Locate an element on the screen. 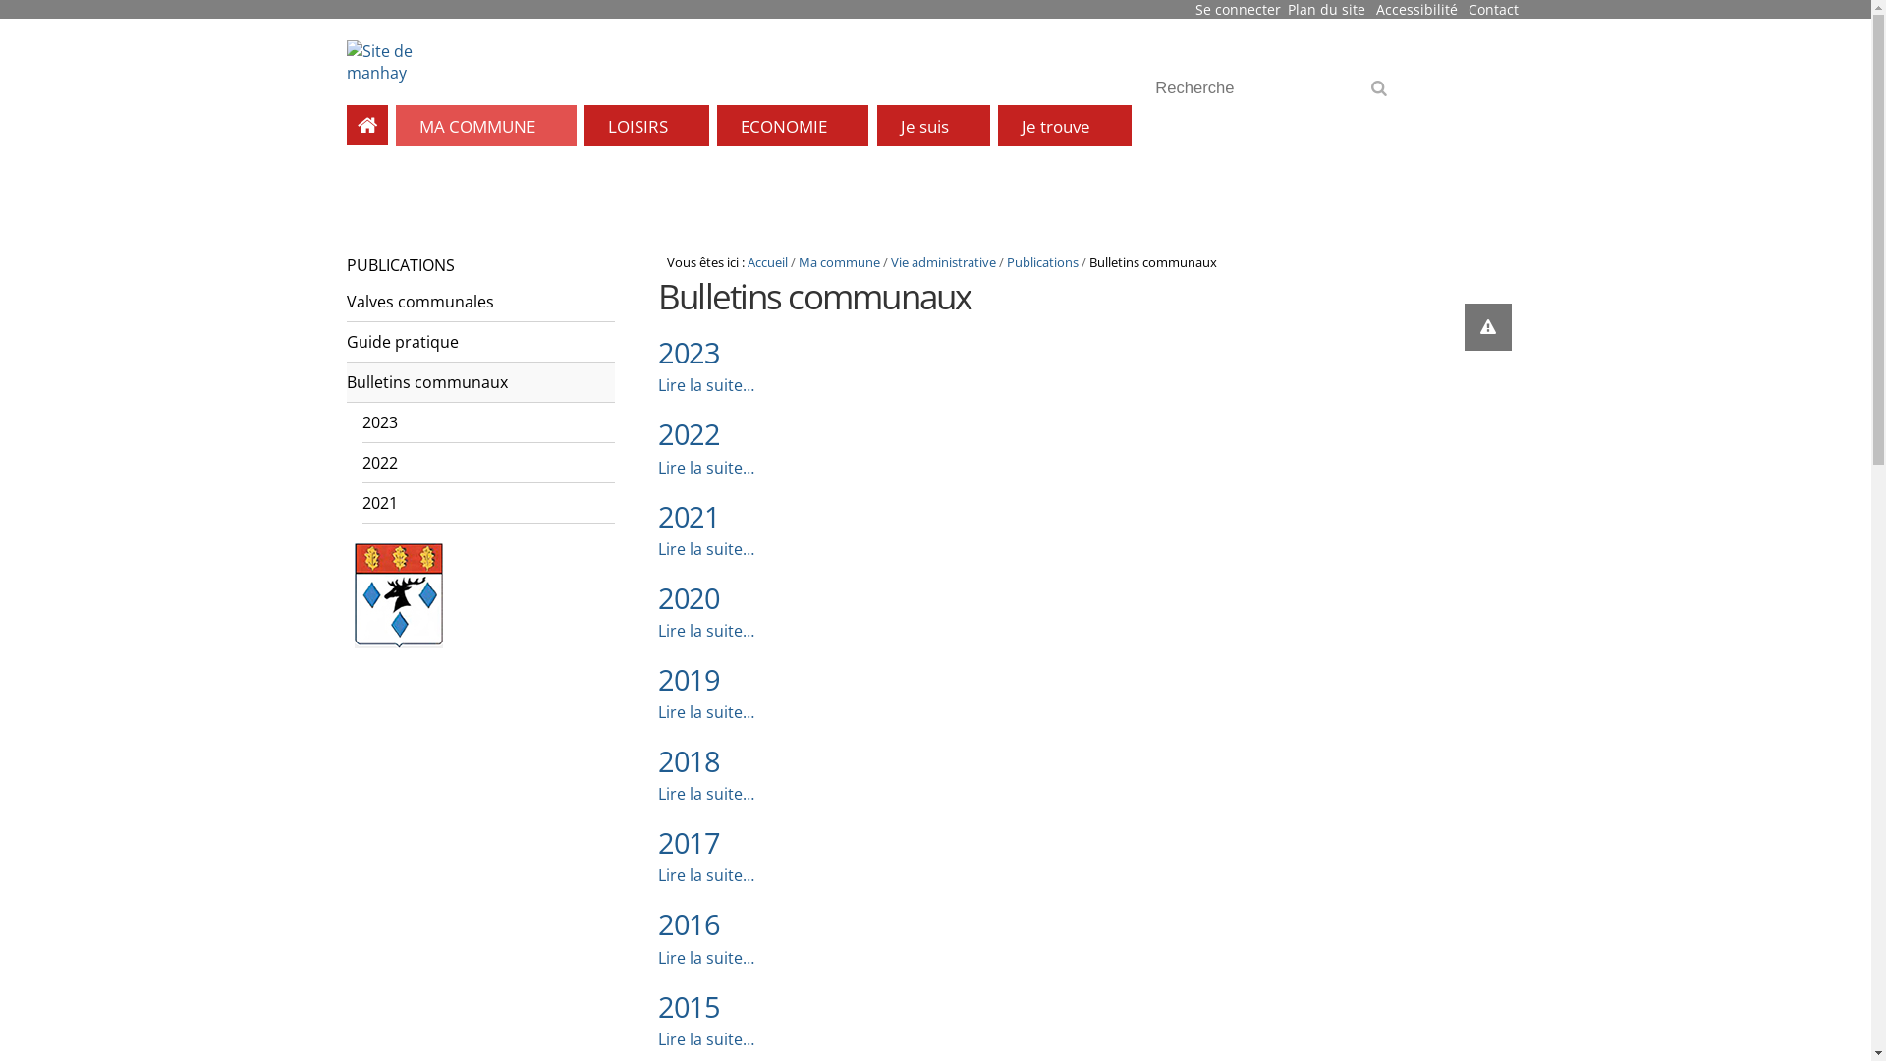 The height and width of the screenshot is (1061, 1886). 'Contact' is located at coordinates (1468, 9).